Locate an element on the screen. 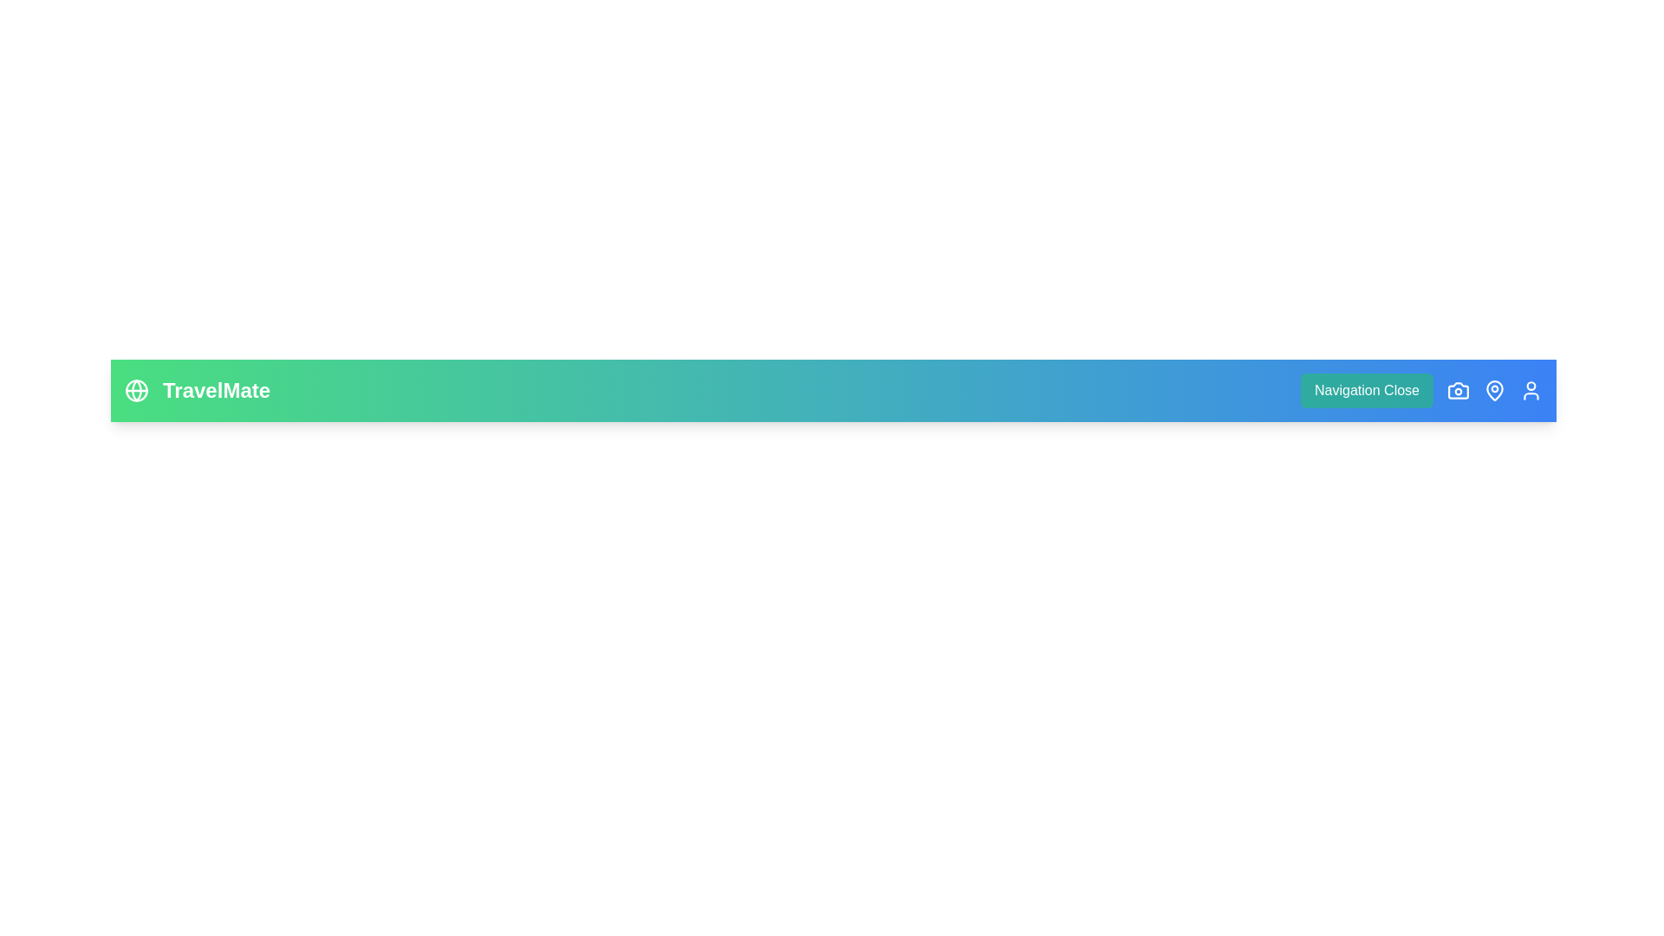  the user icon to open the user profile or account-related actions is located at coordinates (1531, 391).